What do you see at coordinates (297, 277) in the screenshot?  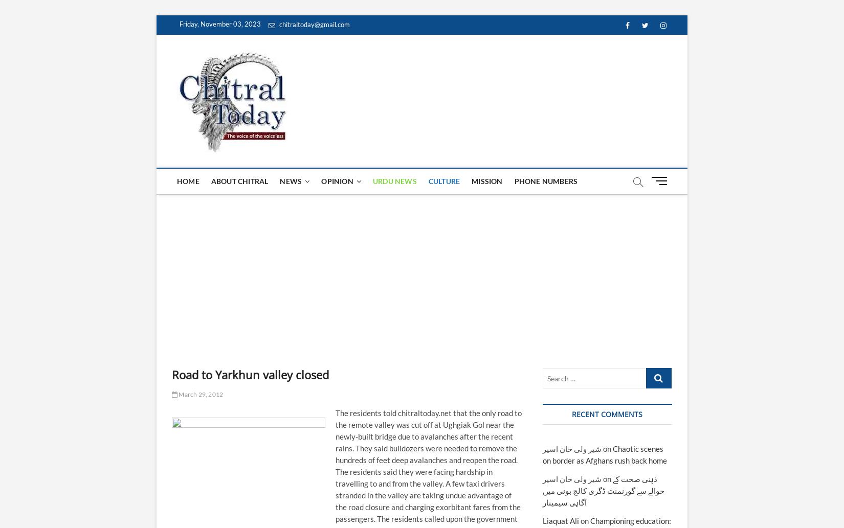 I see `'Education'` at bounding box center [297, 277].